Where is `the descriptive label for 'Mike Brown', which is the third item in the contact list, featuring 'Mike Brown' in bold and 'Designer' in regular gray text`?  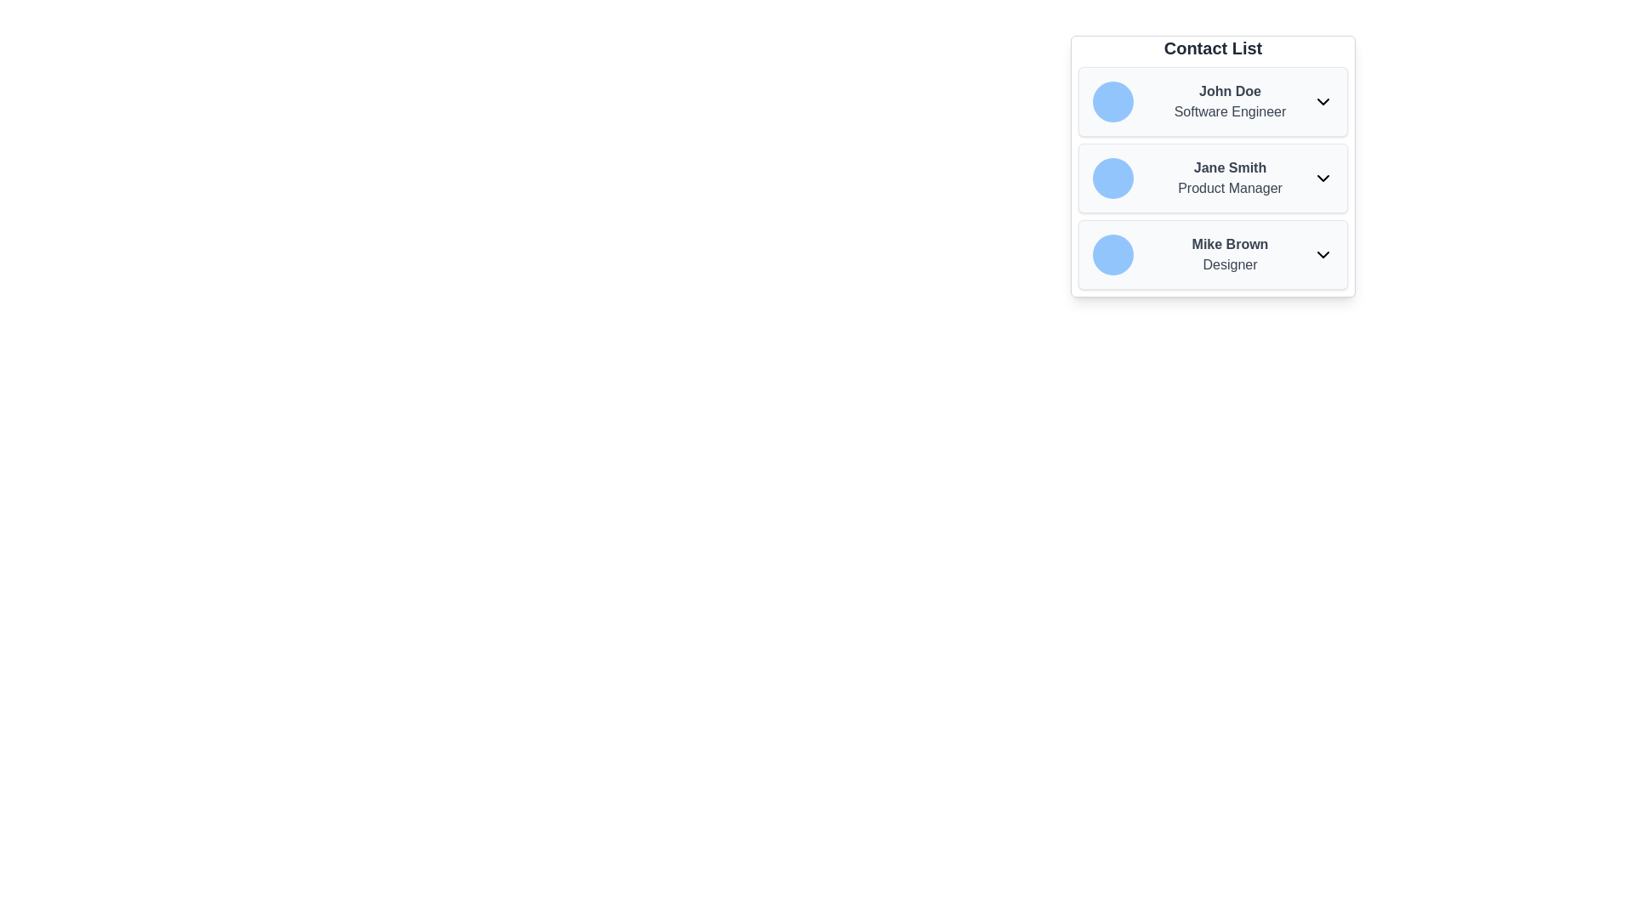 the descriptive label for 'Mike Brown', which is the third item in the contact list, featuring 'Mike Brown' in bold and 'Designer' in regular gray text is located at coordinates (1230, 255).